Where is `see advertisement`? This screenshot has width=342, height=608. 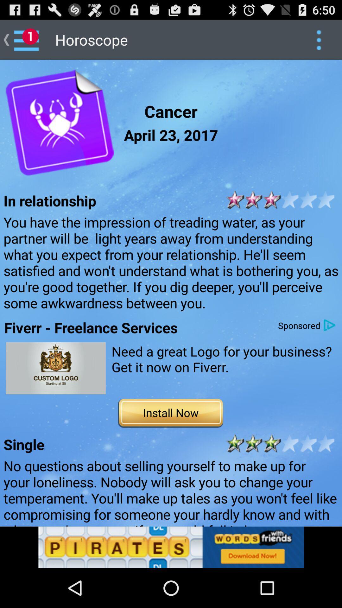 see advertisement is located at coordinates (55, 368).